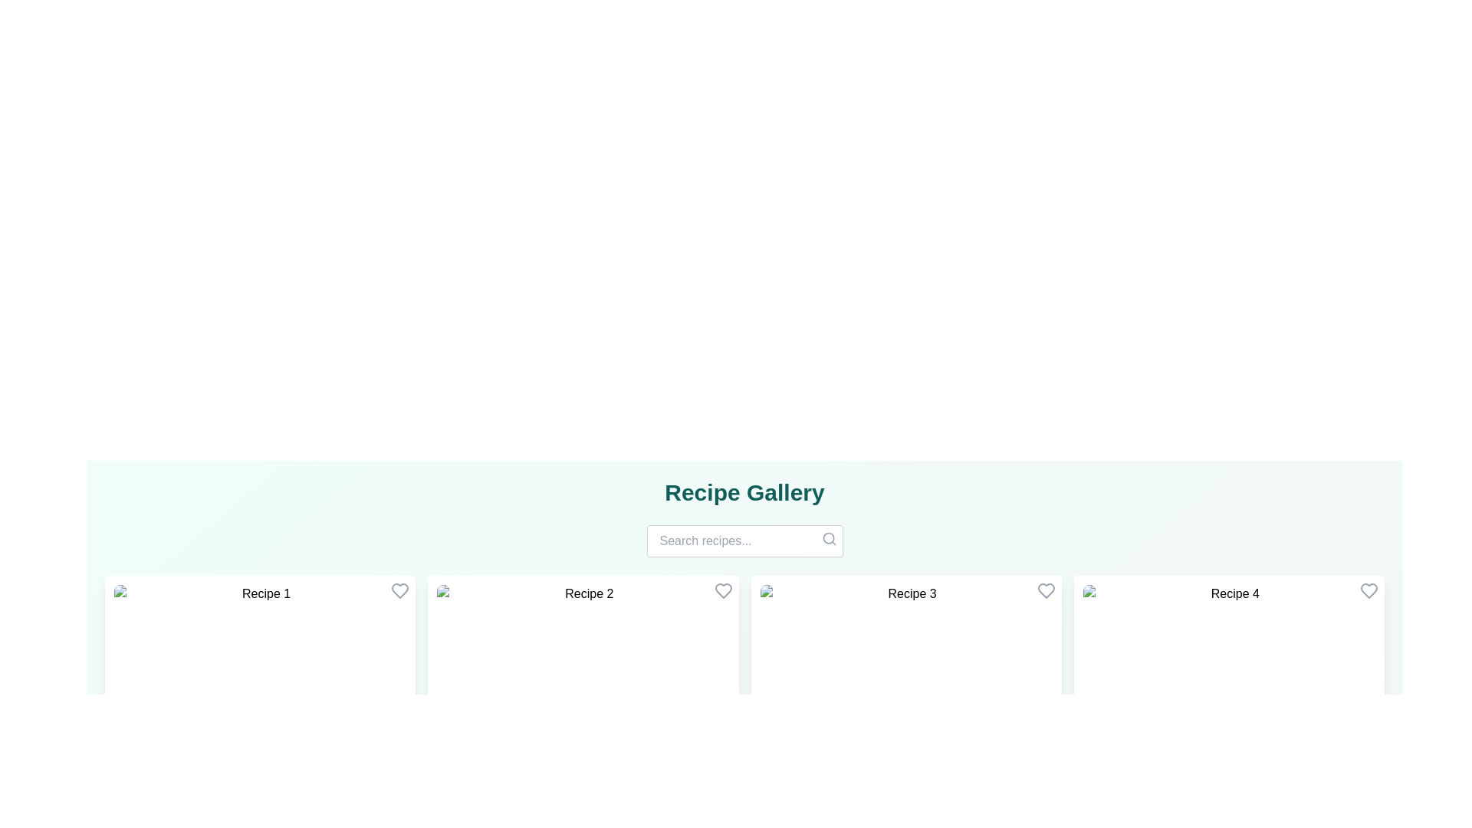 The image size is (1472, 828). What do you see at coordinates (722, 590) in the screenshot?
I see `the heart-shaped interactive icon in the top-right corner of the card displaying 'Recipe 2' to favorite or like the recipe` at bounding box center [722, 590].